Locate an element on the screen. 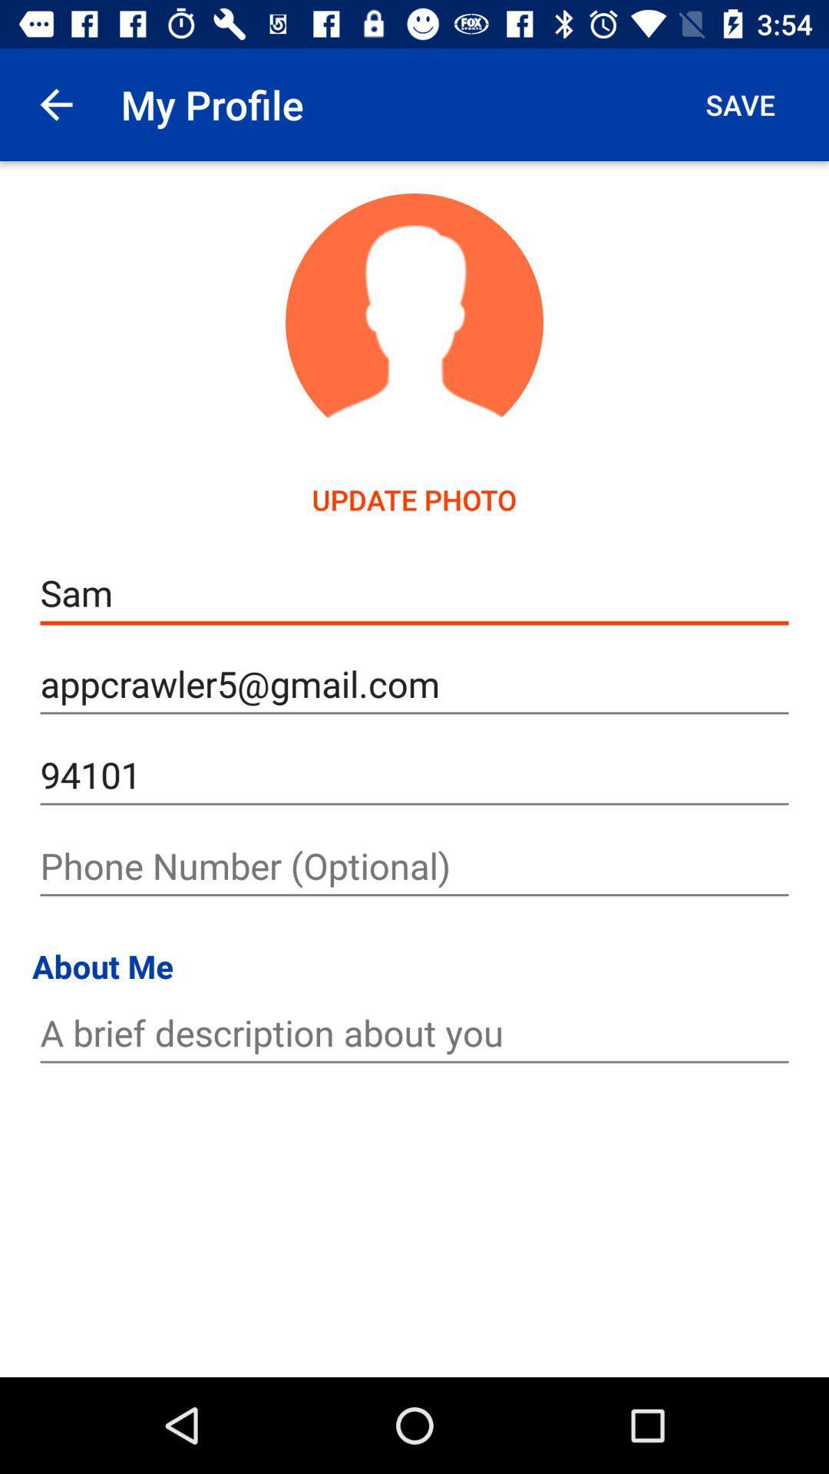 This screenshot has width=829, height=1474. appcrawler5@gmail.com icon is located at coordinates (414, 683).